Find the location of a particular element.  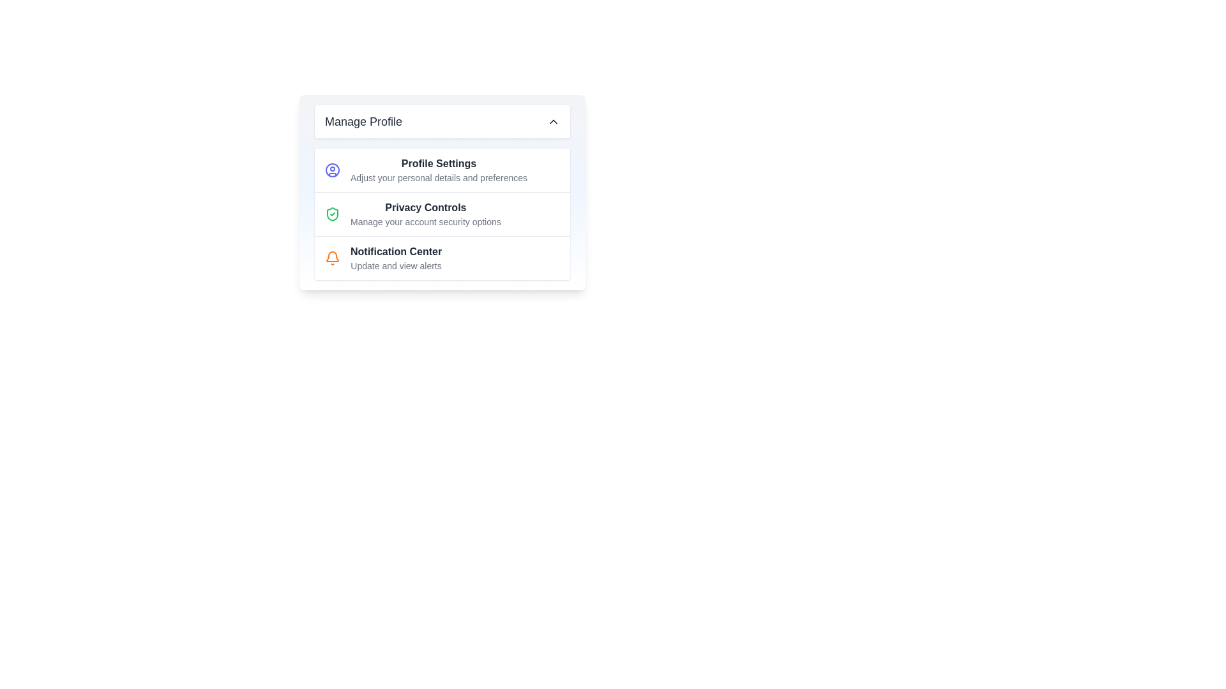

the green shield icon with a checkmark located next to 'Privacy Controls' in the list item, positioned between 'Profile Settings' and 'Notification Center' is located at coordinates (333, 213).